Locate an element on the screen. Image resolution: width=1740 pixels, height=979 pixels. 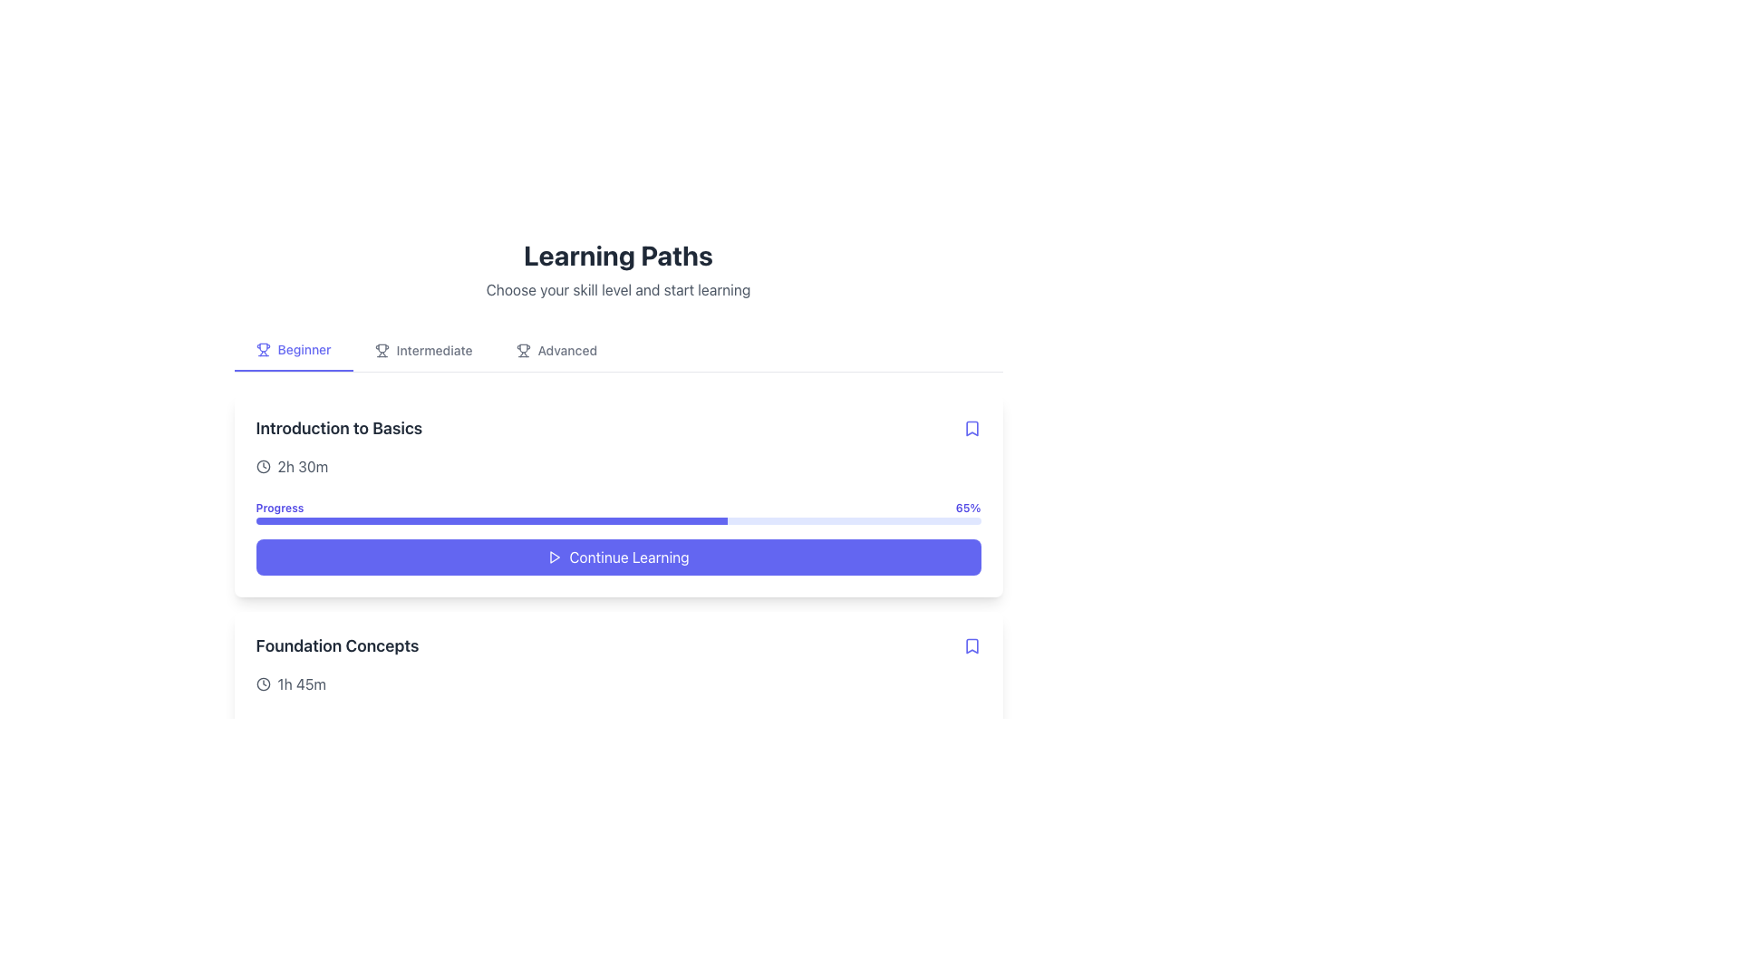
the 'Beginner' button, which is styled with a bold font and light indigo color is located at coordinates (294, 350).